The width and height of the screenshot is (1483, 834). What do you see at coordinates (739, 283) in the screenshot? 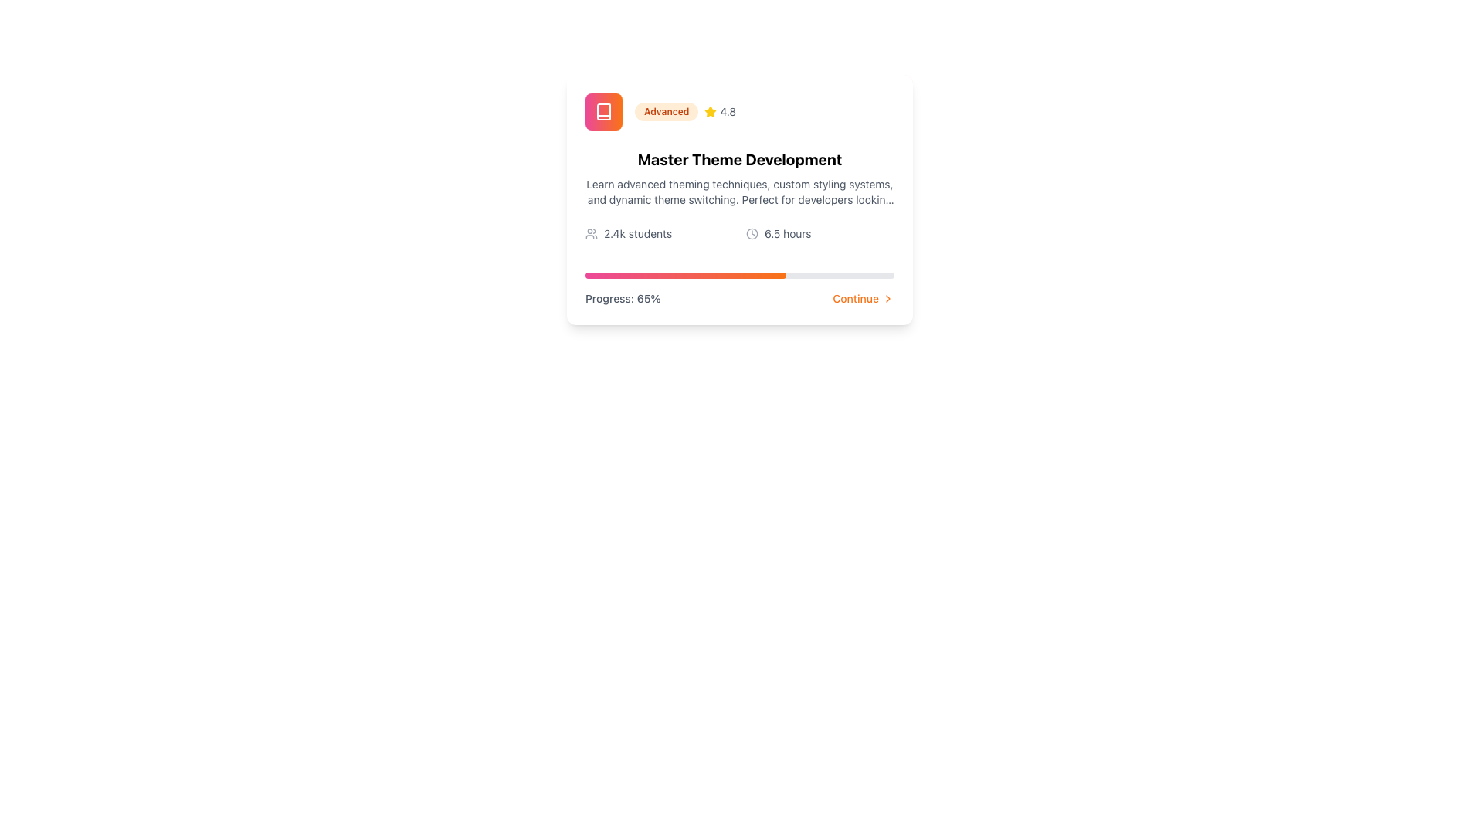
I see `progress information from the label 'Progress: 65%' located on the left side of the progress bar element` at bounding box center [739, 283].